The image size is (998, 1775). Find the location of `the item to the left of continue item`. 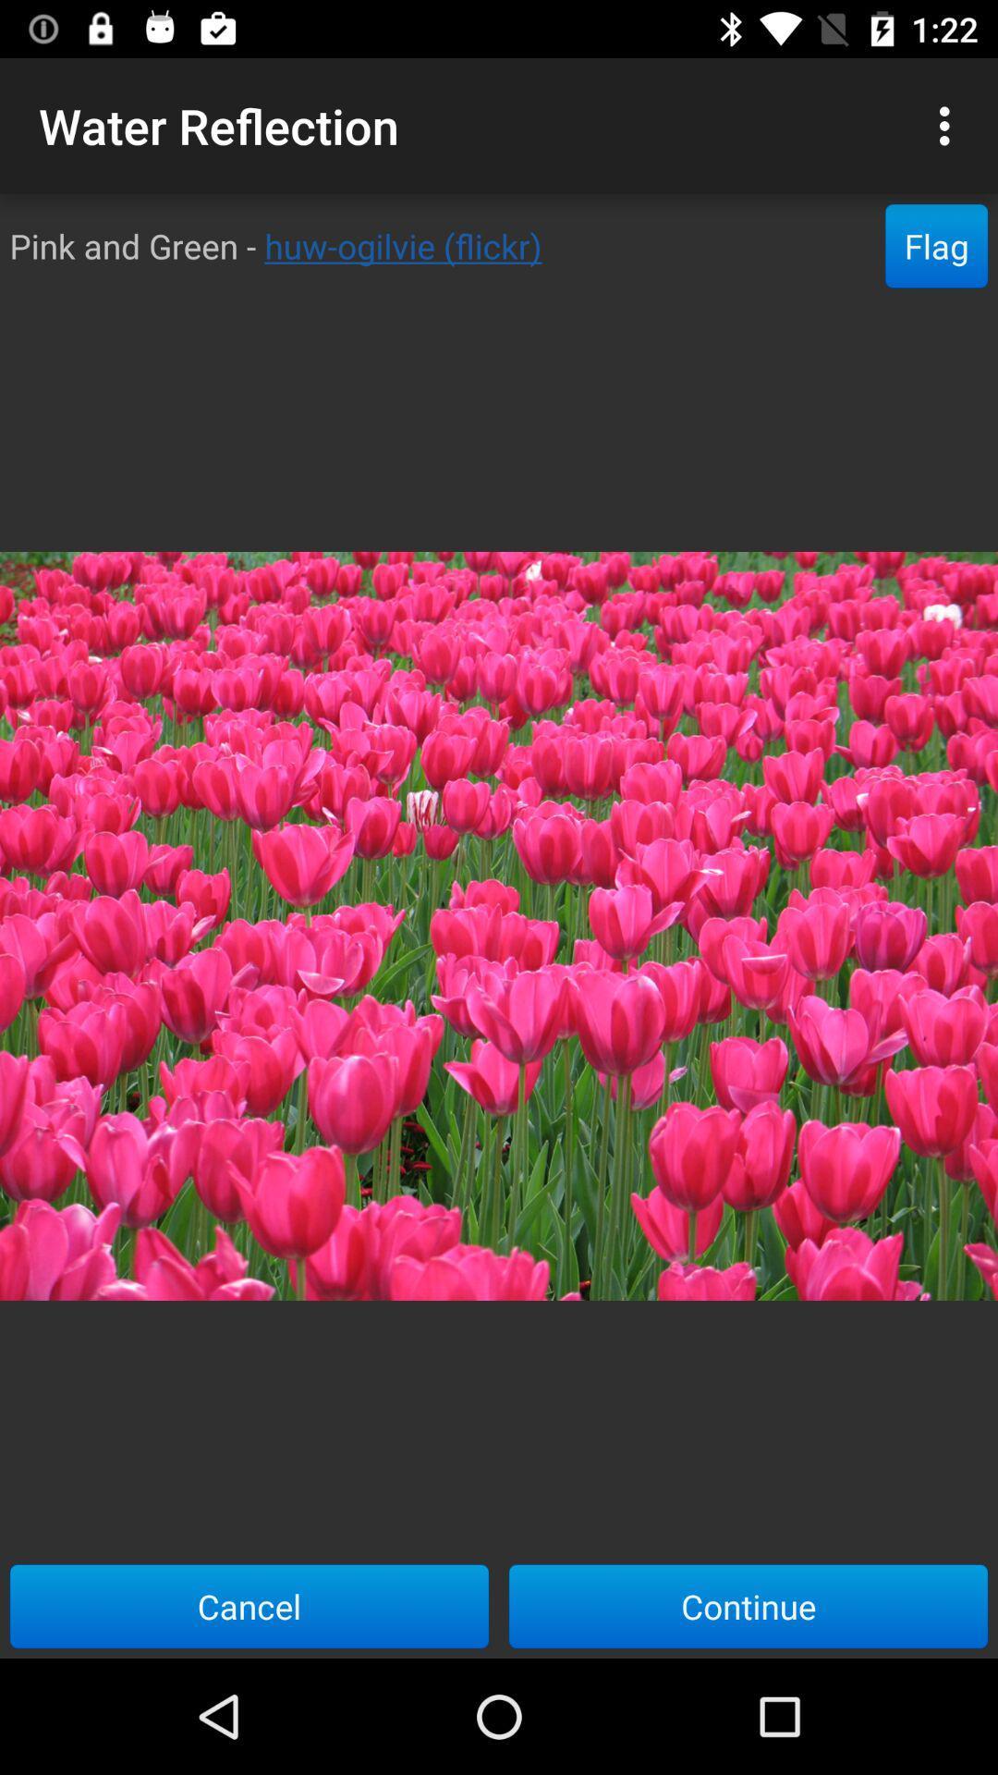

the item to the left of continue item is located at coordinates (249, 1605).